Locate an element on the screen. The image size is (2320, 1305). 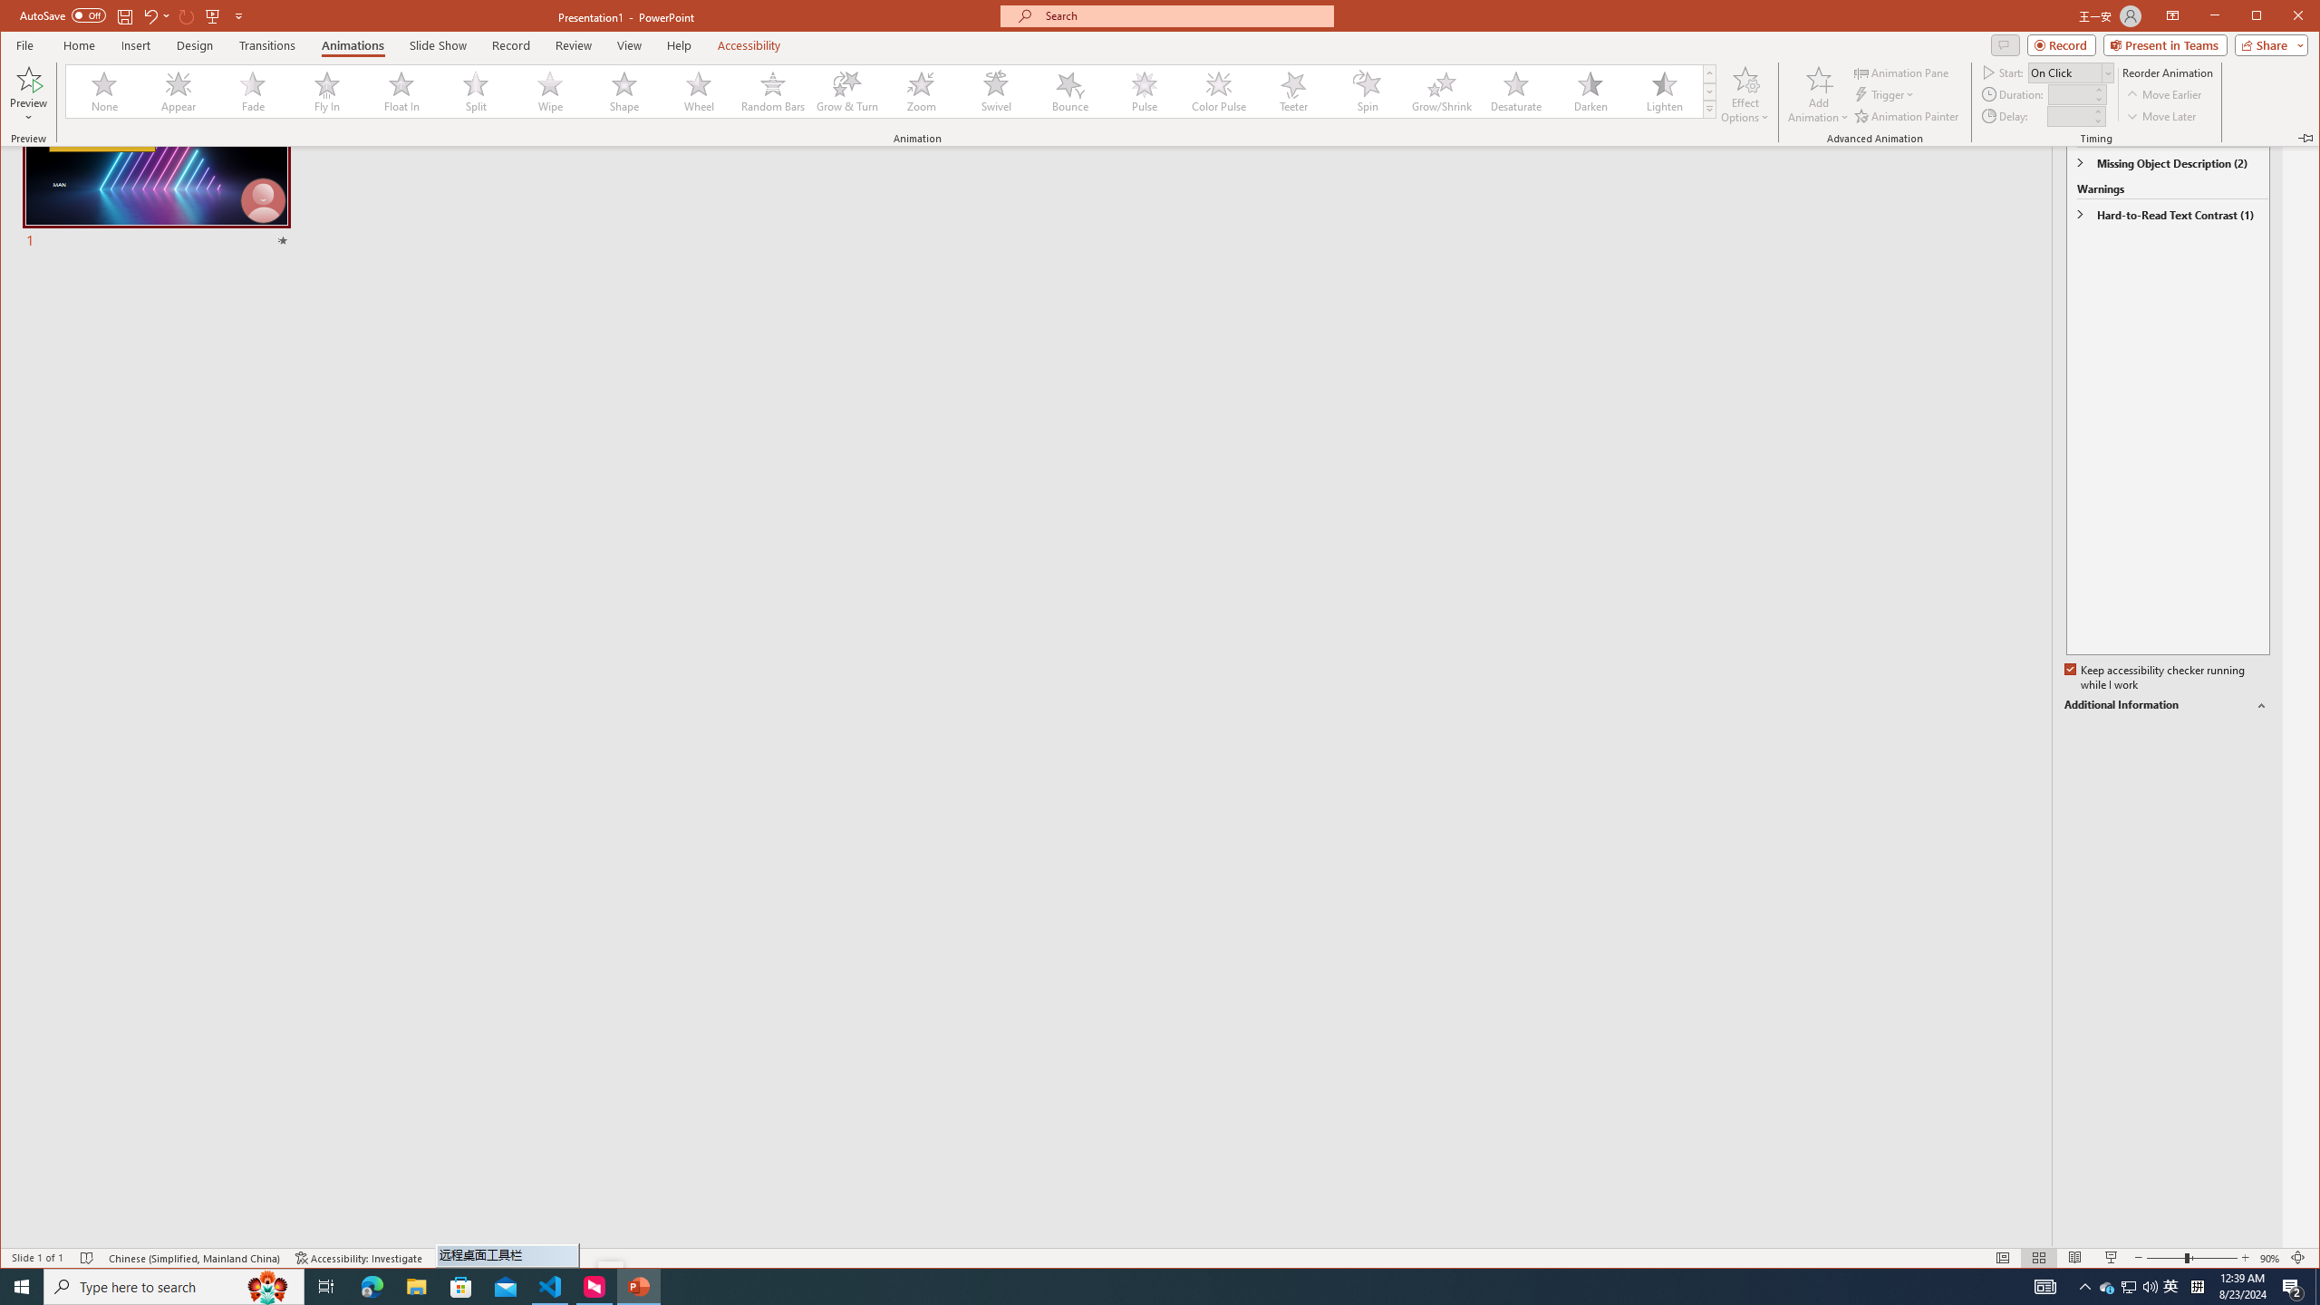
'File Tab' is located at coordinates (23, 44).